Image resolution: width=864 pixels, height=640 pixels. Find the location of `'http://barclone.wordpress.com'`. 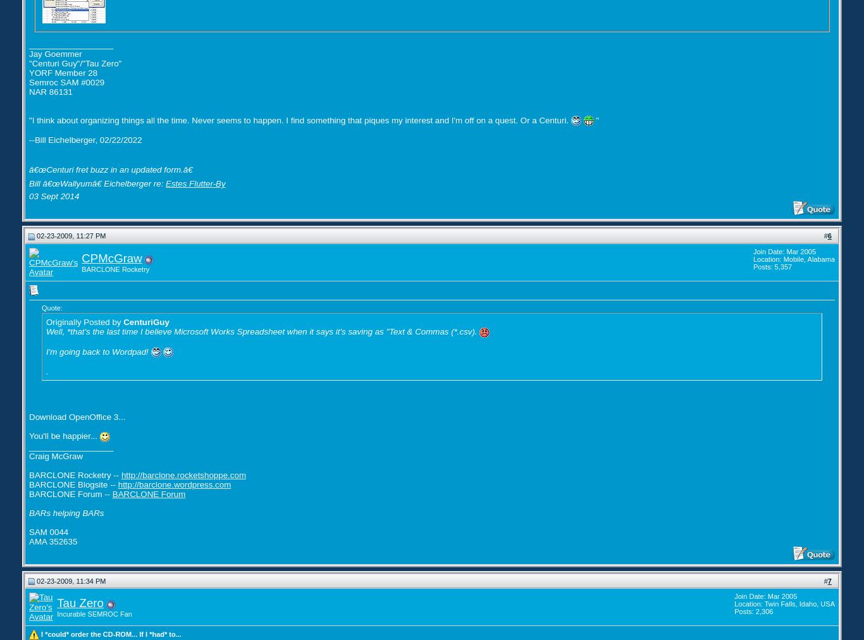

'http://barclone.wordpress.com' is located at coordinates (174, 483).